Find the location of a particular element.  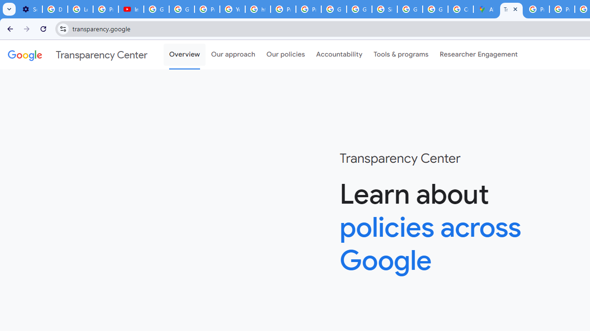

'Researcher Engagement' is located at coordinates (478, 55).